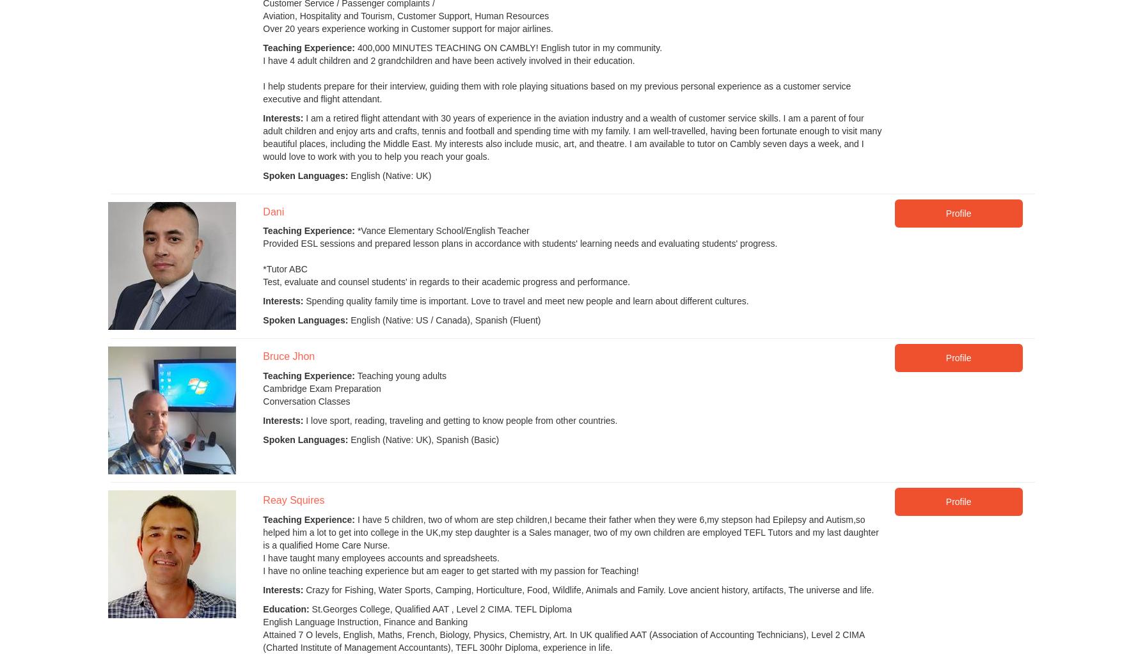 This screenshot has height=654, width=1145. What do you see at coordinates (556, 91) in the screenshot?
I see `'I help students prepare for their interview, guiding them with role playing situations based on my previous personal experience as a customer service executive and flight attendant.'` at bounding box center [556, 91].